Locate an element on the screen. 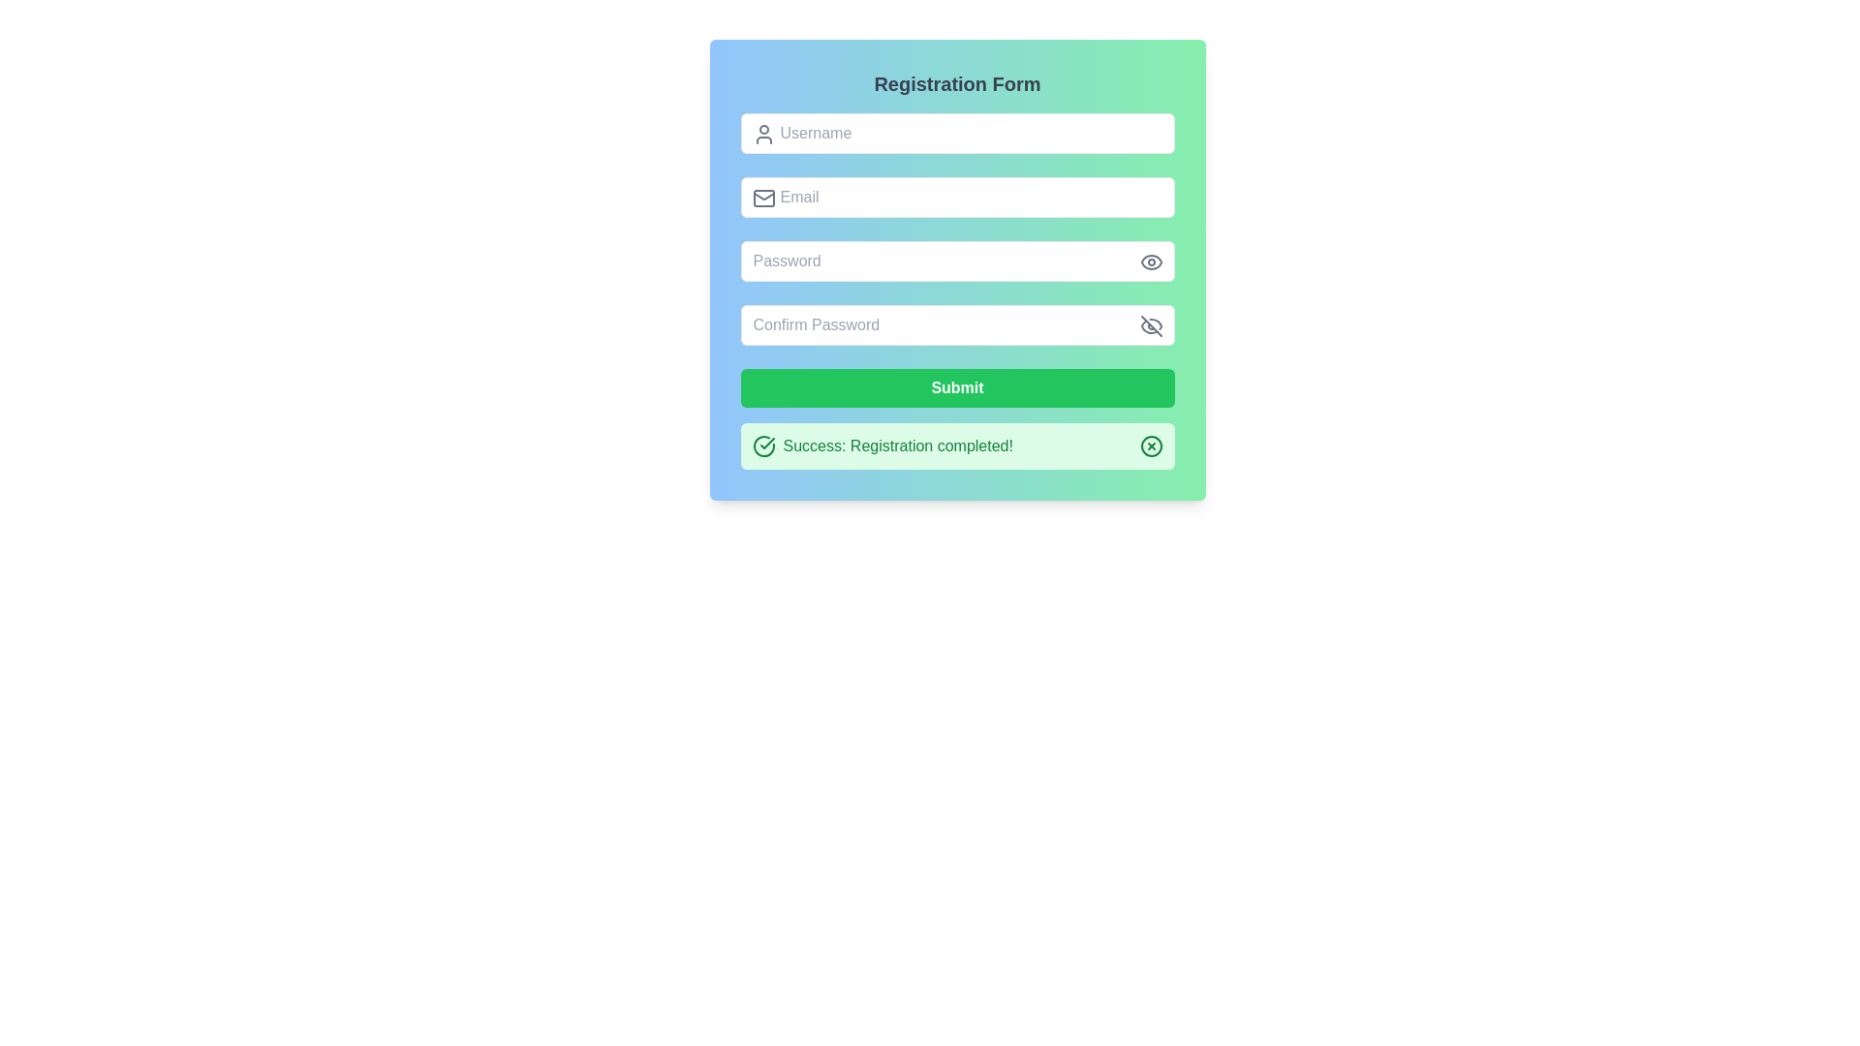  the small gray user icon, which is a stylized silhouette of a head and shoulders, located inside the first input field immediately preceding the placeholder text 'Username' is located at coordinates (762, 133).